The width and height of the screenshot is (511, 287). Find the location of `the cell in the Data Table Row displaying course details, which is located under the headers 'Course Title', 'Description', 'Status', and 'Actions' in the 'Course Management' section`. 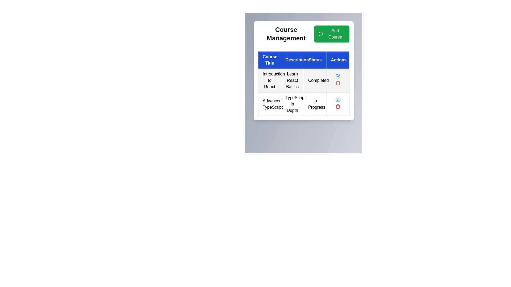

the cell in the Data Table Row displaying course details, which is located under the headers 'Course Title', 'Description', 'Status', and 'Actions' in the 'Course Management' section is located at coordinates (304, 92).